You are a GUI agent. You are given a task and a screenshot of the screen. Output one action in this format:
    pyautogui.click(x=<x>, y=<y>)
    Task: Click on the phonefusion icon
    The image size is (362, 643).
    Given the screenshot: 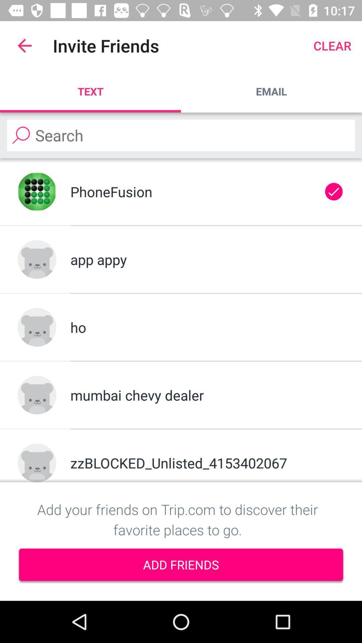 What is the action you would take?
    pyautogui.click(x=192, y=191)
    